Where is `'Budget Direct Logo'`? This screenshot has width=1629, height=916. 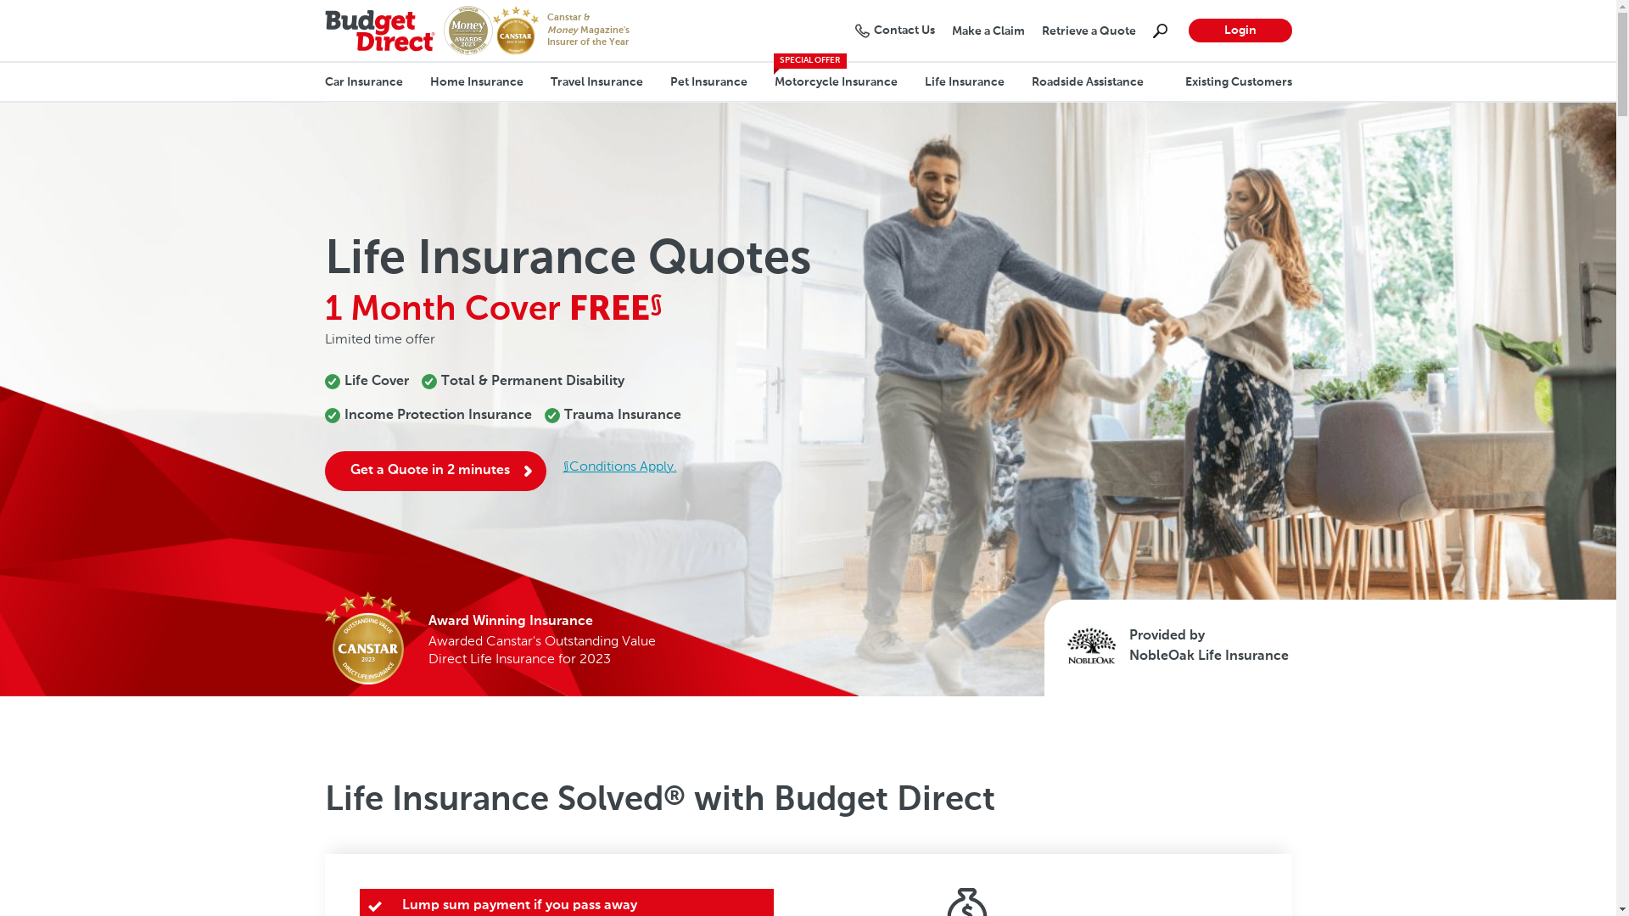 'Budget Direct Logo' is located at coordinates (378, 30).